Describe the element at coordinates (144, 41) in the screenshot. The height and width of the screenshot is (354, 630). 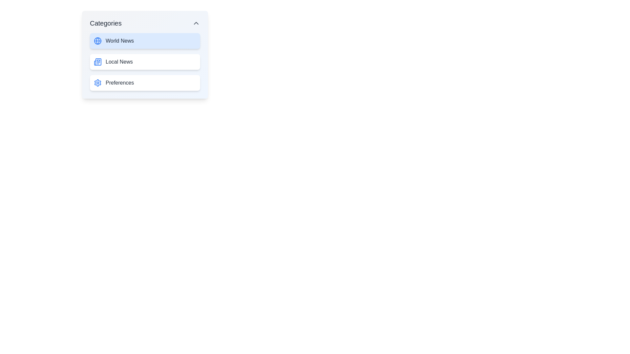
I see `the 'World News' category button, which is the first item in the vertical list of cards in the 'Categories' panel` at that location.